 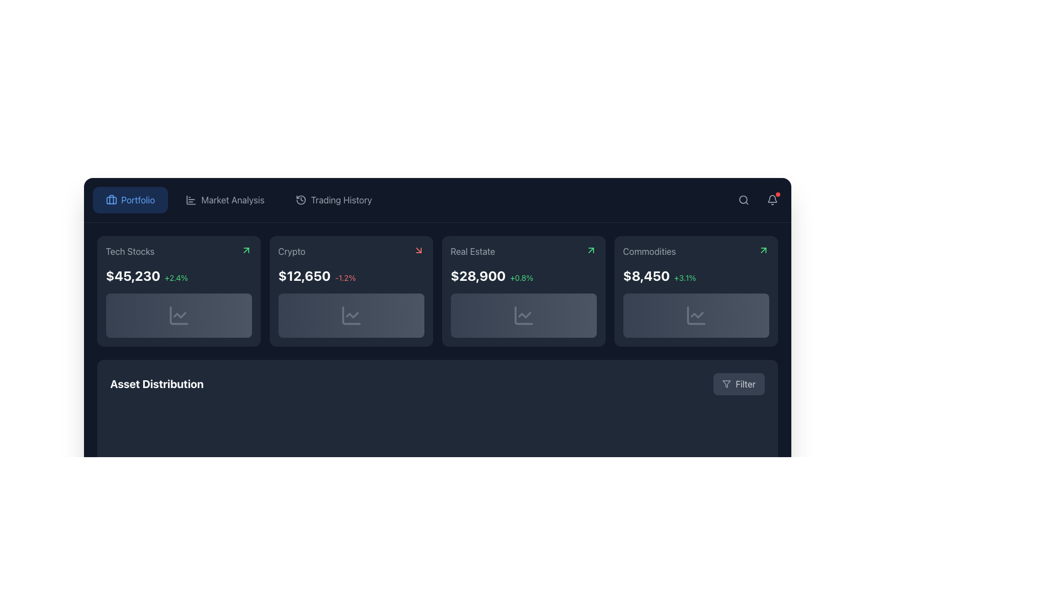 What do you see at coordinates (111, 200) in the screenshot?
I see `the rectangular graphic element within the briefcase icon located in the header navigation` at bounding box center [111, 200].